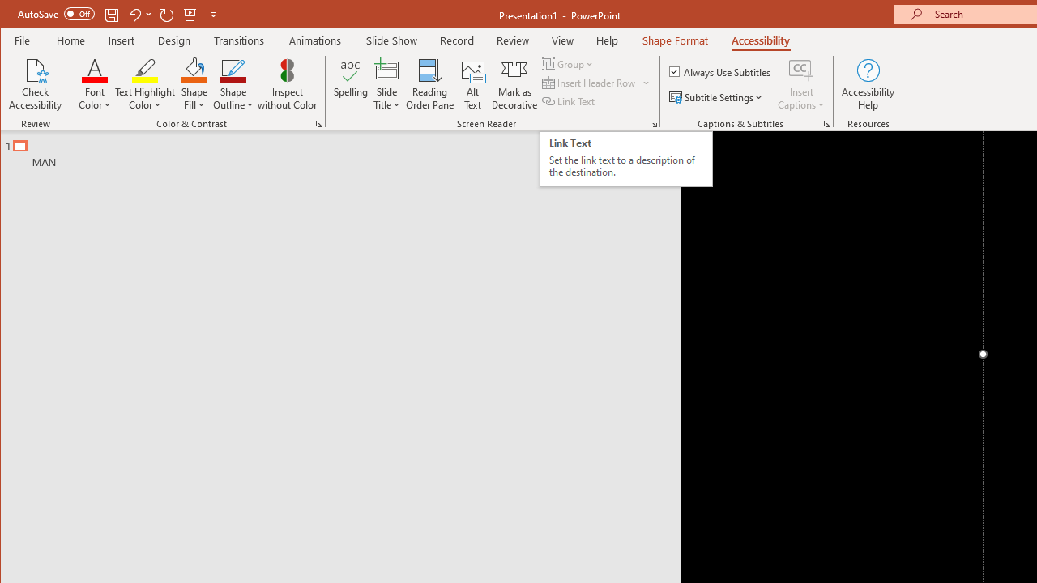 The height and width of the screenshot is (583, 1037). What do you see at coordinates (595, 83) in the screenshot?
I see `'Insert Header Row'` at bounding box center [595, 83].